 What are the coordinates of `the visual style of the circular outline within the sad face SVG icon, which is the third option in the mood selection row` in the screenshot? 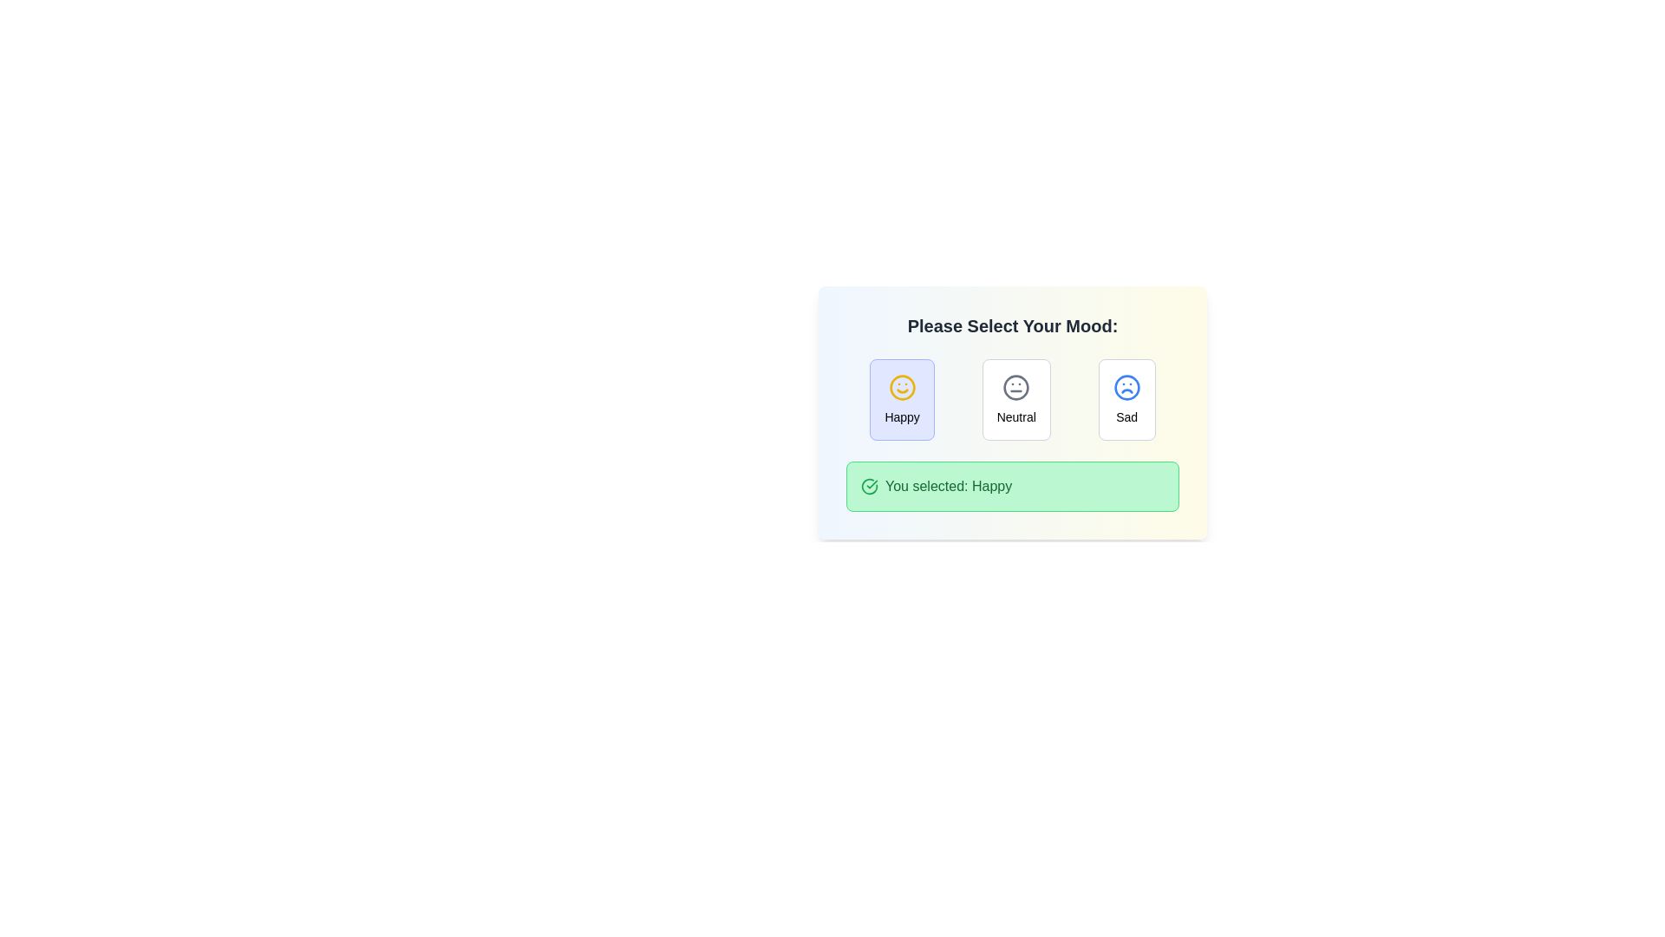 It's located at (1126, 387).